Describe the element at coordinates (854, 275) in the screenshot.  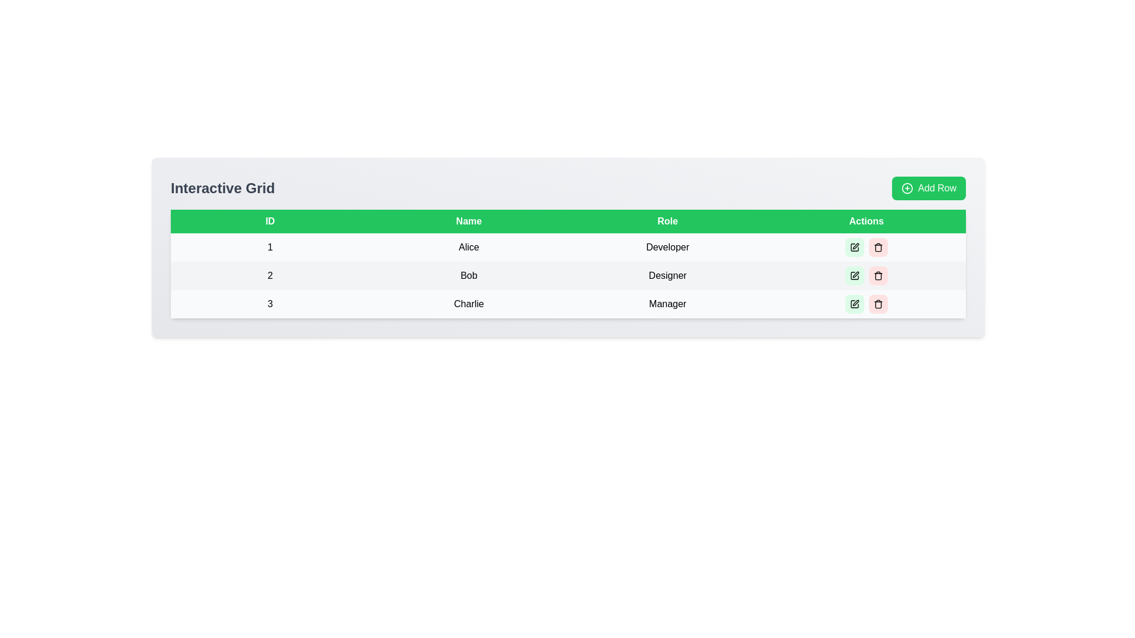
I see `the outlined square icon in the 'Actions' column of the second row for 'Bob, Designer', which is the first icon next to the delete action icon` at that location.